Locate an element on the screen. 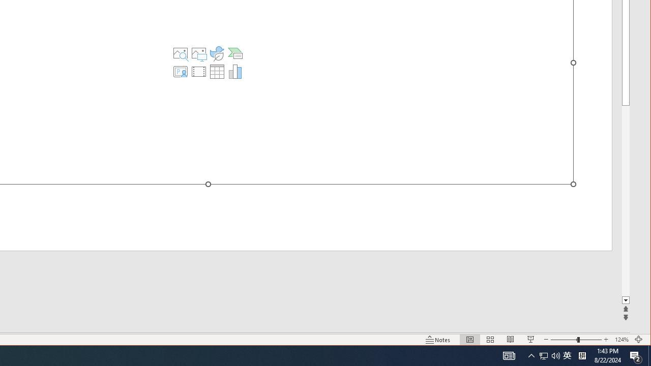 This screenshot has width=651, height=366. 'Insert an Icon' is located at coordinates (216, 53).